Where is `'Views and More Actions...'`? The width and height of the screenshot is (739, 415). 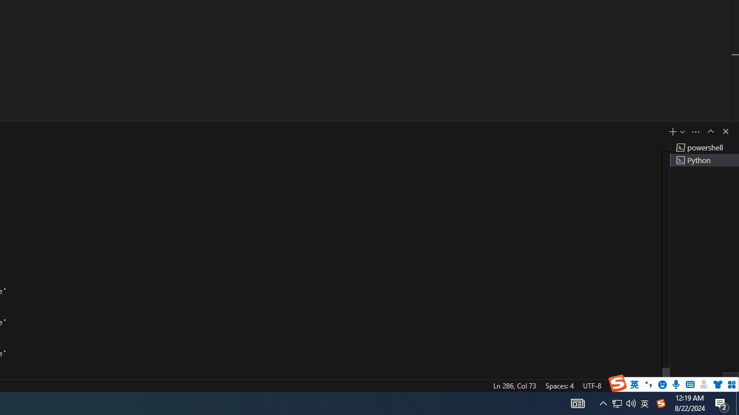 'Views and More Actions...' is located at coordinates (695, 131).